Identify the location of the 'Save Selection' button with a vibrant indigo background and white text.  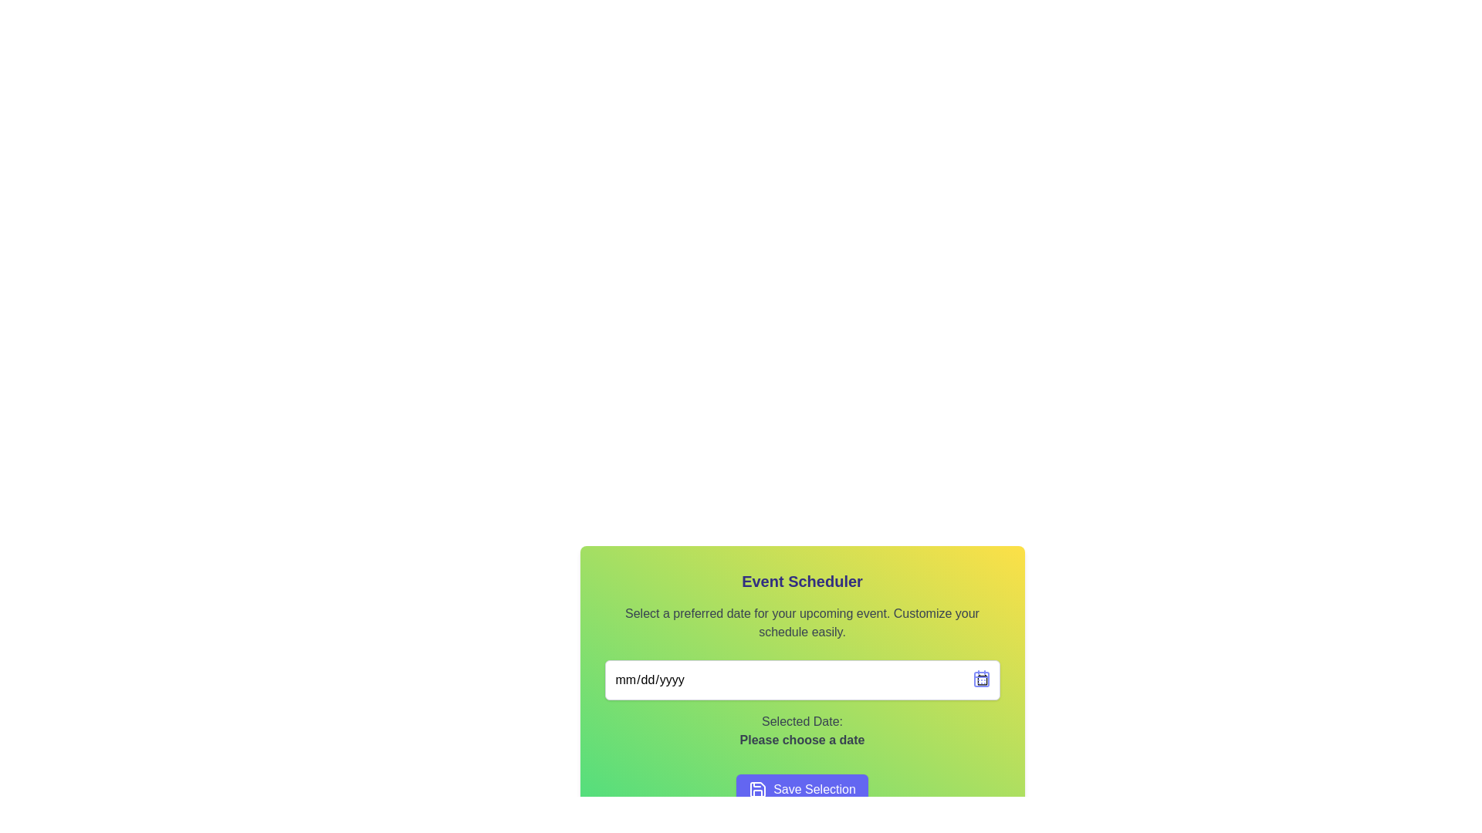
(802, 789).